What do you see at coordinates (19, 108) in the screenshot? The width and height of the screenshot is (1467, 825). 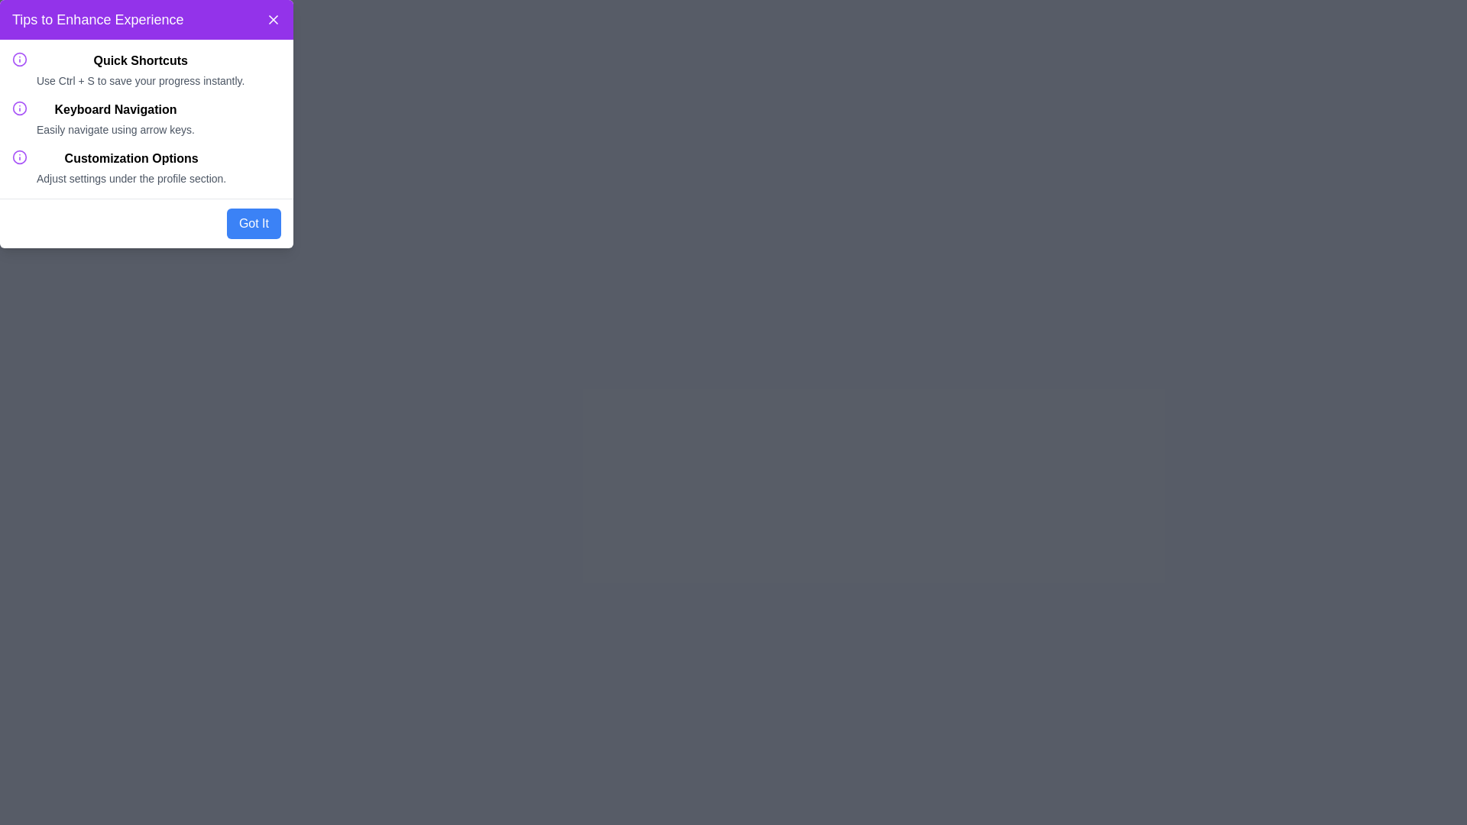 I see `the outermost circular outline of the SVG icon representing 'Keyboard Navigation' located to the left of the text in the dialog box` at bounding box center [19, 108].